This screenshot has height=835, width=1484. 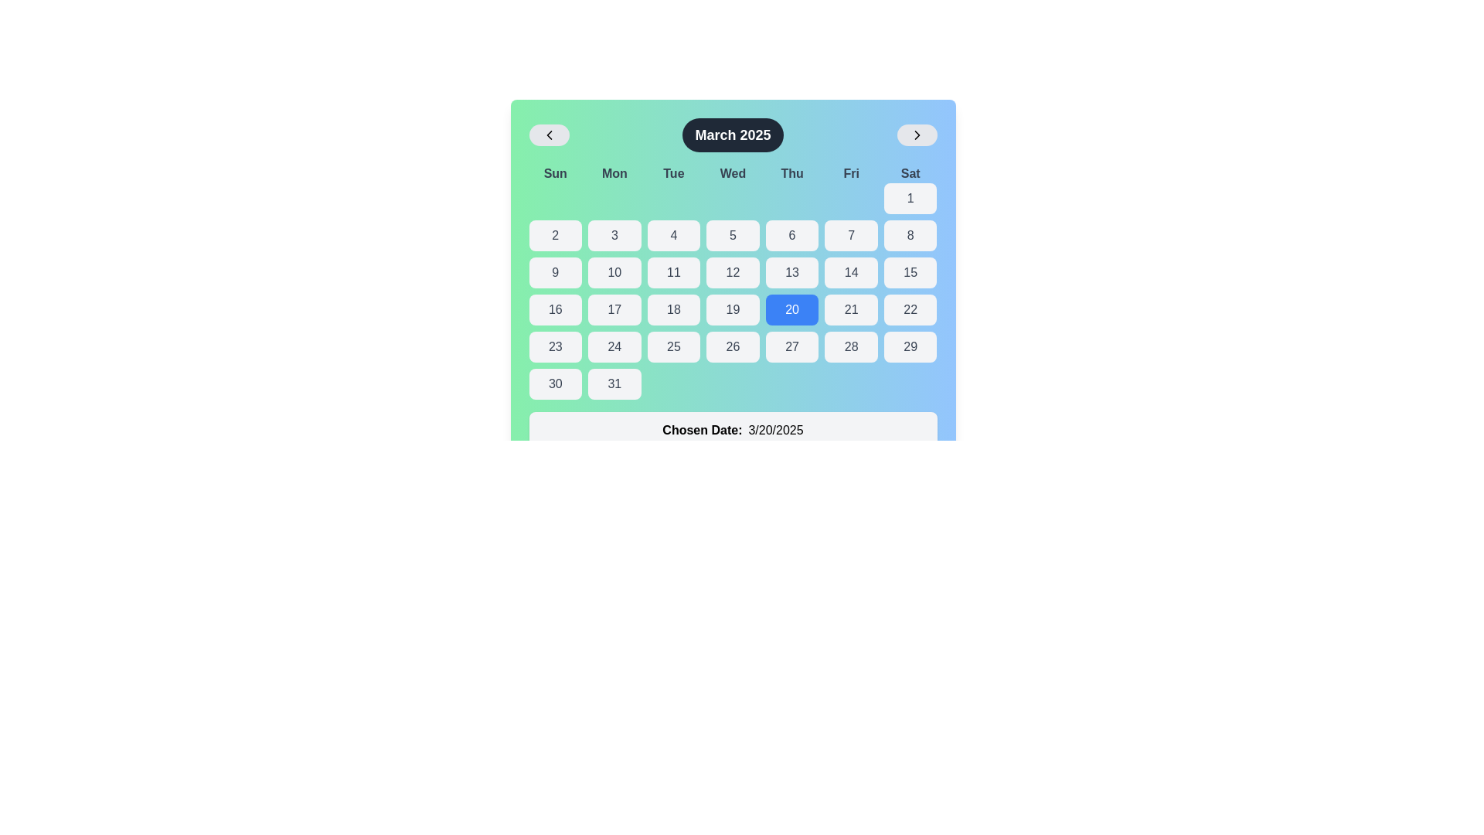 I want to click on the selectable date button representing the 28th day of the month in the calendar interface, located under the 'Fri' column in the fifth row of the grid layout, so click(x=850, y=346).